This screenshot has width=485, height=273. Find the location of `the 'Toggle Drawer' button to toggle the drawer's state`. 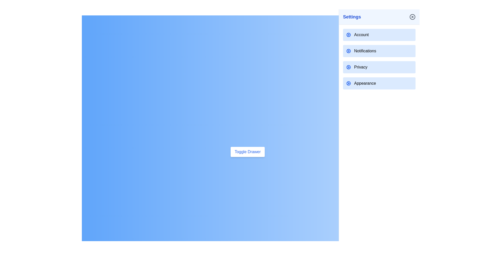

the 'Toggle Drawer' button to toggle the drawer's state is located at coordinates (248, 152).